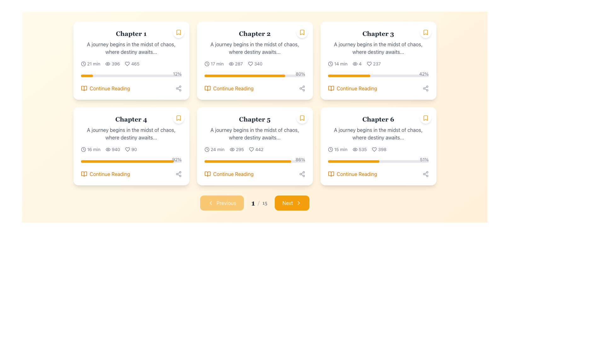 Image resolution: width=605 pixels, height=340 pixels. What do you see at coordinates (178, 32) in the screenshot?
I see `the bookmark icon button with an orange outline located in the top-right corner of the 'Chapter 1' card for additional actions if configured` at bounding box center [178, 32].